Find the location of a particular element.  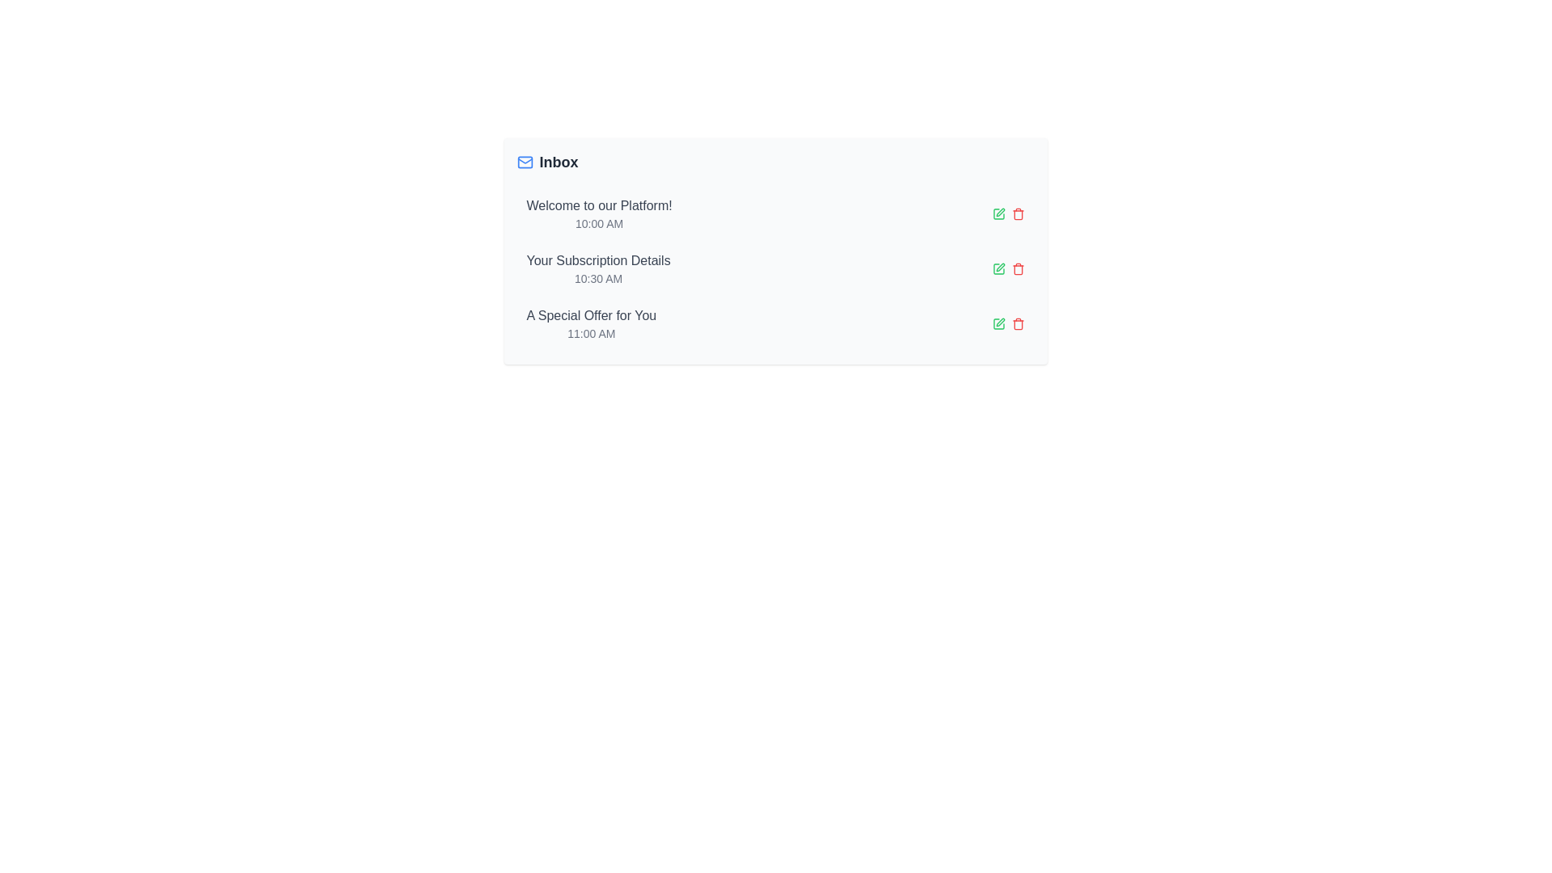

the edit button, which is the first icon in a group of similar icons located to the right of an item in the list, to initiate editing is located at coordinates (997, 324).